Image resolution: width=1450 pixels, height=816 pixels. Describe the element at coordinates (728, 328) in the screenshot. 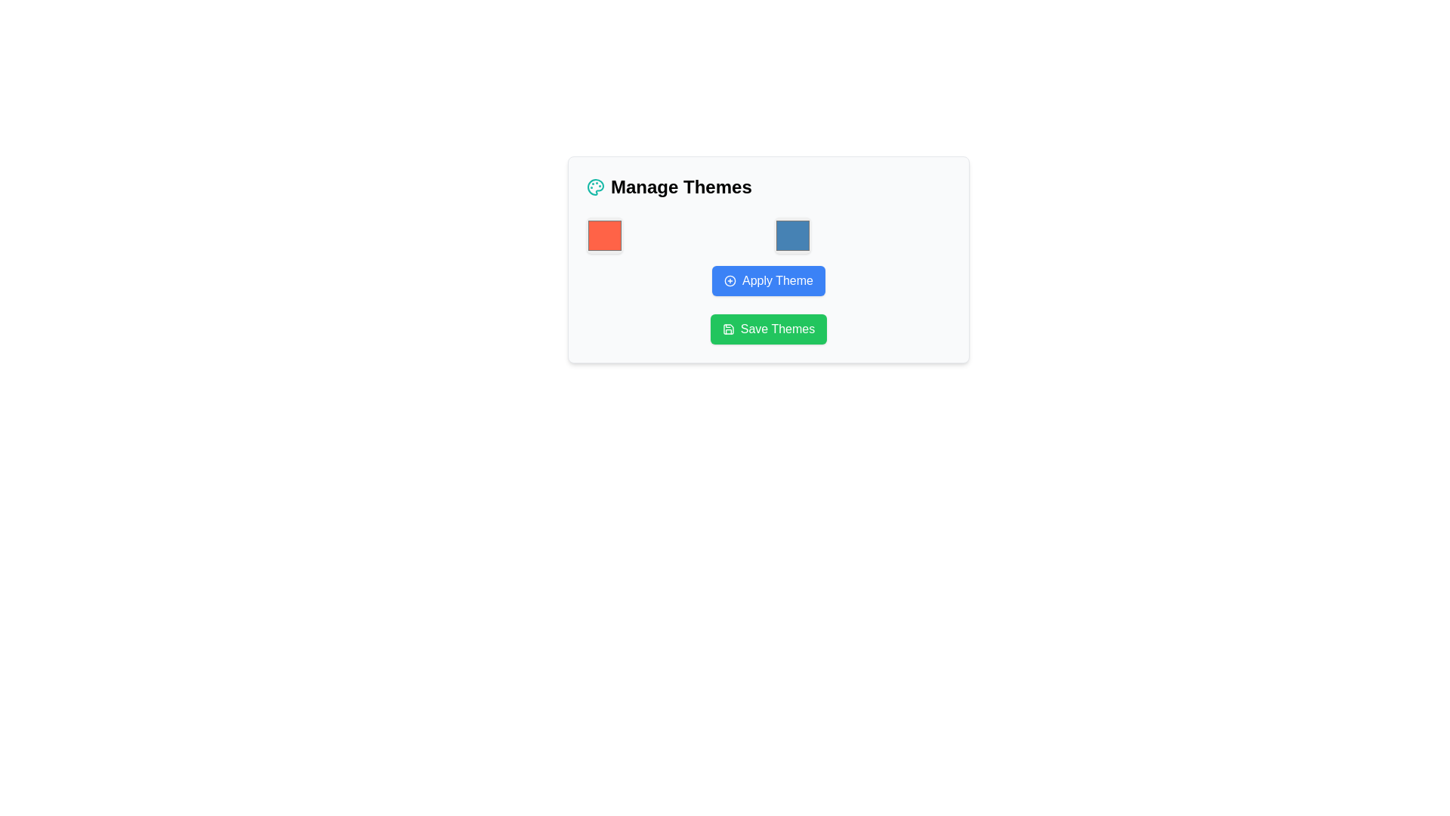

I see `the graphical icon inside the 'Save Themes' button, which indicates its save functionality` at that location.